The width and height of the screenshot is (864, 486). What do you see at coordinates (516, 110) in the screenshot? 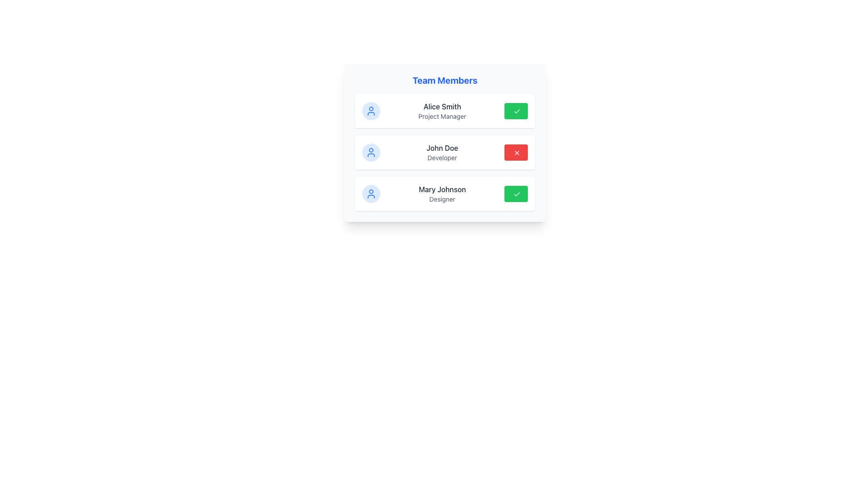
I see `the approval button for Alice Smith, Project Manager` at bounding box center [516, 110].